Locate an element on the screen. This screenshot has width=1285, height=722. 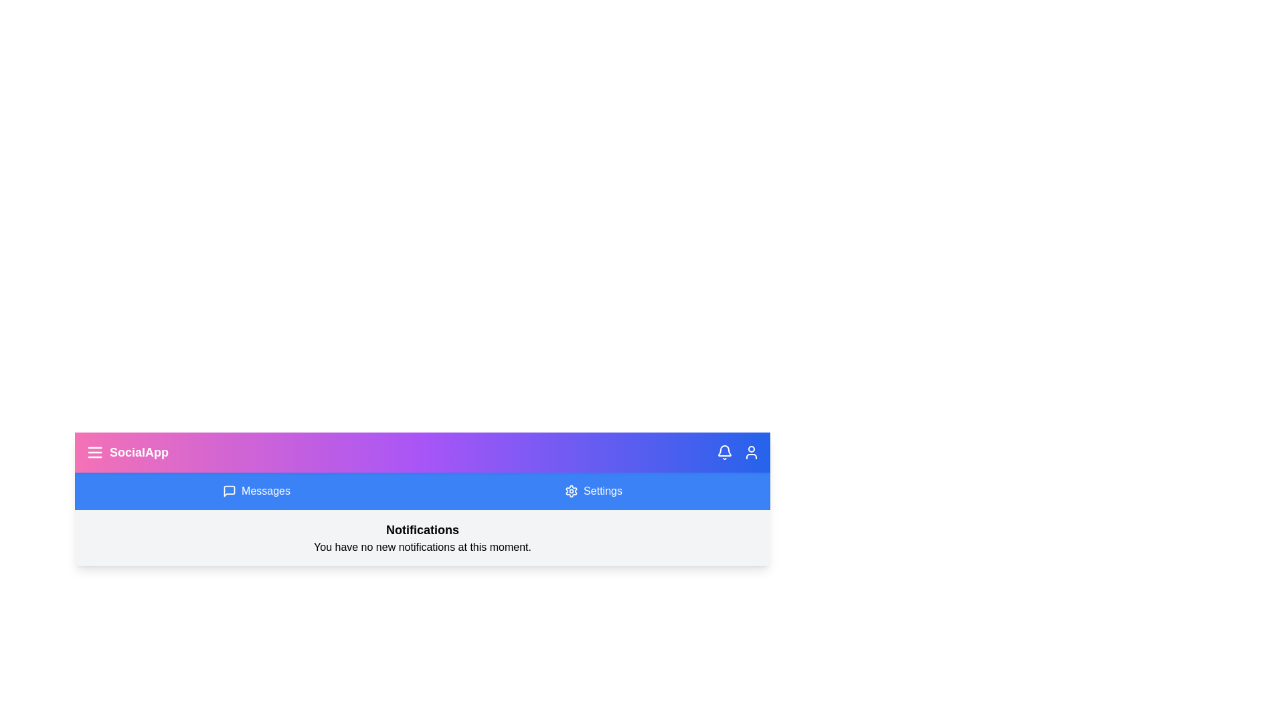
the 'Settings' button in the navigation bar is located at coordinates (593, 491).